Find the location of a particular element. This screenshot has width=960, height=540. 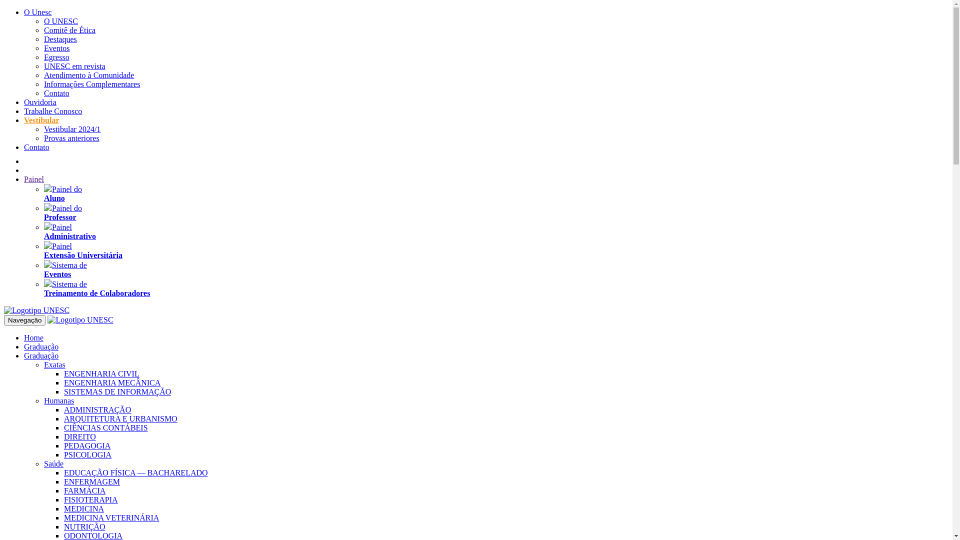

'Sistema de is located at coordinates (96, 288).